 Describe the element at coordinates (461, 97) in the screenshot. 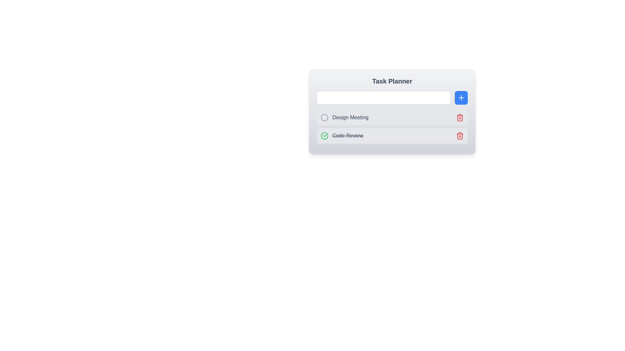

I see `the blue button located to the right of the 'Task Planner' input field` at that location.